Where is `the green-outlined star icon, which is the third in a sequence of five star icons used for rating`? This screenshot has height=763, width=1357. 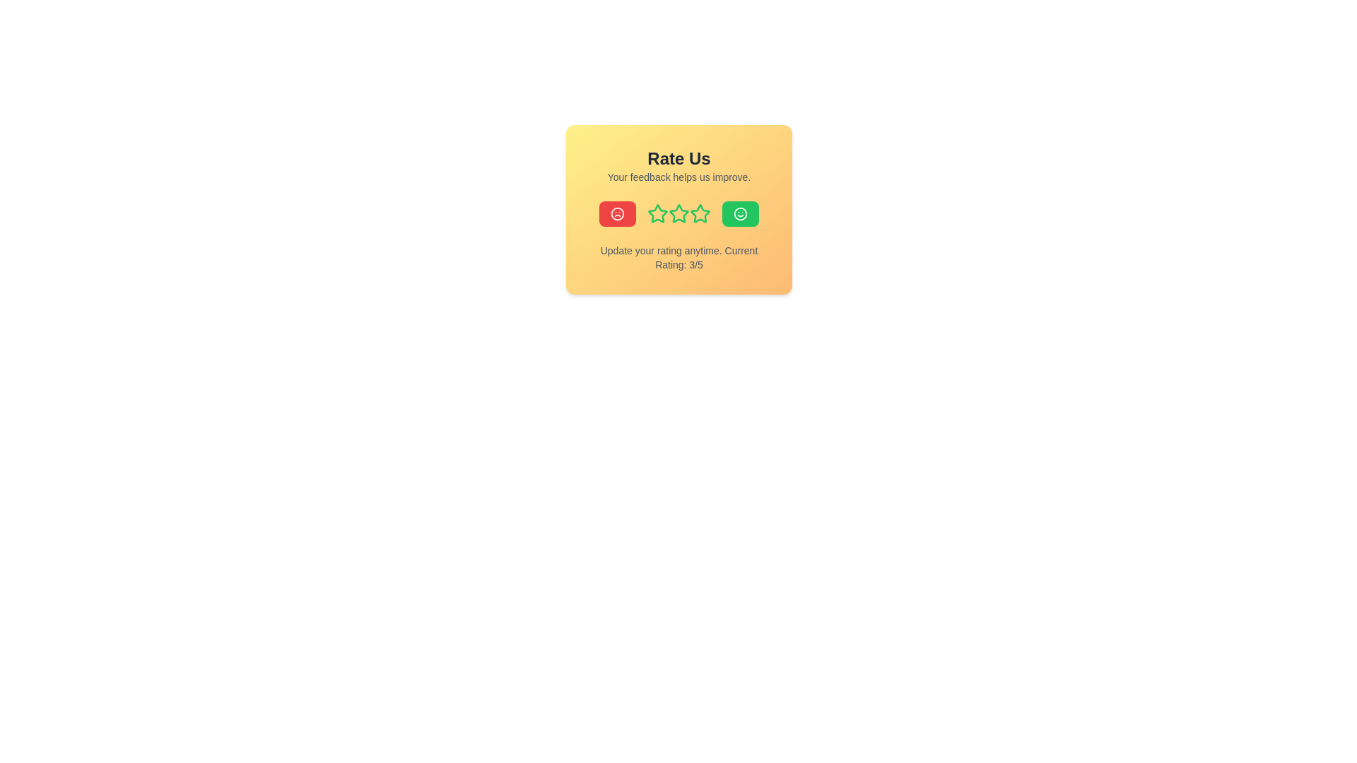 the green-outlined star icon, which is the third in a sequence of five star icons used for rating is located at coordinates (678, 214).